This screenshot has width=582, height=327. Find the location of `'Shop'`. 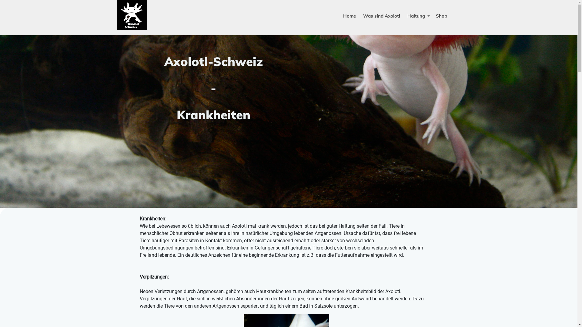

'Shop' is located at coordinates (432, 16).